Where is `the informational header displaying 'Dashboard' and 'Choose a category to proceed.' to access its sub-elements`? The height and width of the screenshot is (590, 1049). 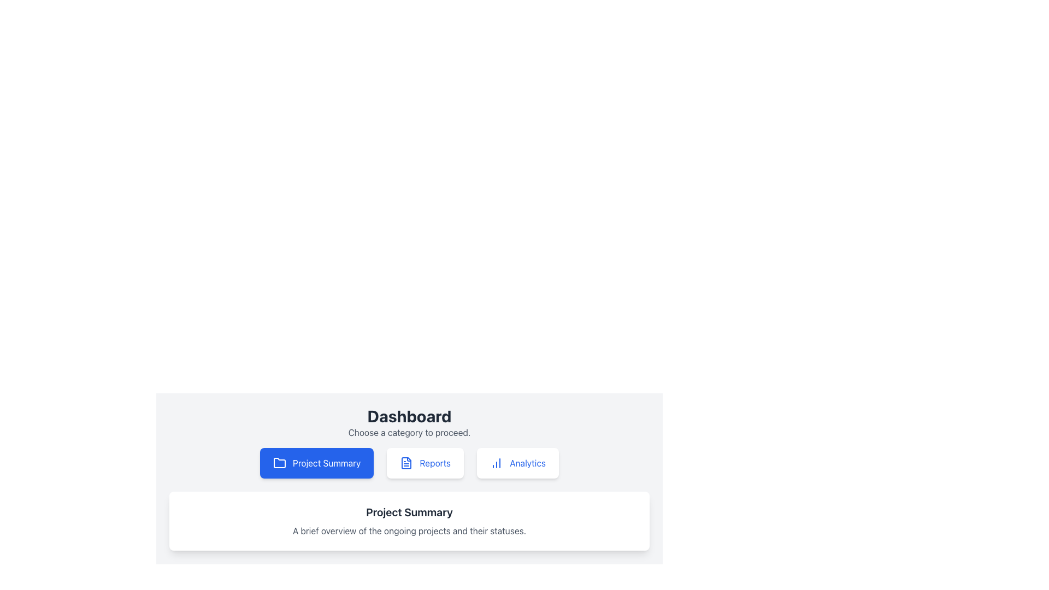
the informational header displaying 'Dashboard' and 'Choose a category to proceed.' to access its sub-elements is located at coordinates (409, 422).